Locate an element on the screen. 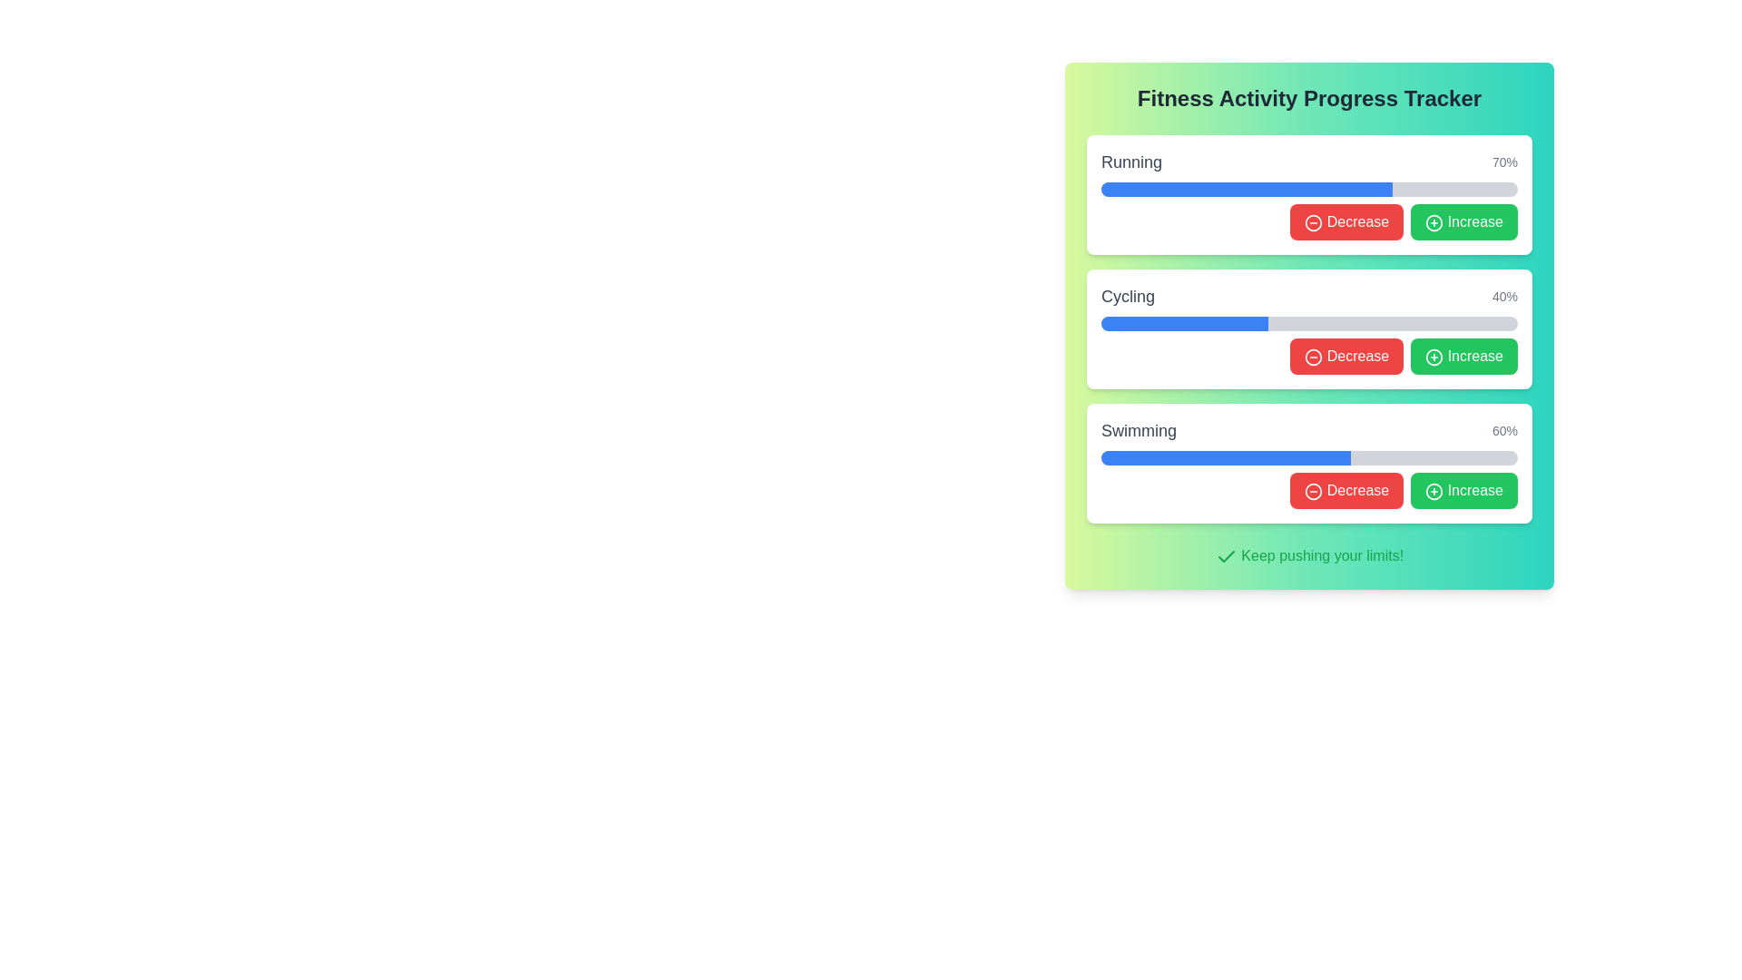  the progress for cycling activity is located at coordinates (1103, 323).